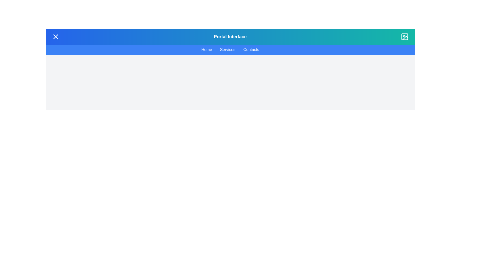 This screenshot has height=270, width=480. I want to click on the button with the image icon to switch the displayed content, so click(404, 36).